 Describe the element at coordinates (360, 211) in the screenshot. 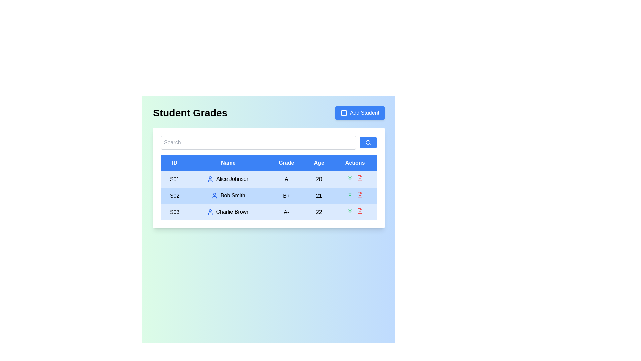

I see `the red document icon with a minus sign located in the Actions column for the third student row (Charlie Brown)` at that location.